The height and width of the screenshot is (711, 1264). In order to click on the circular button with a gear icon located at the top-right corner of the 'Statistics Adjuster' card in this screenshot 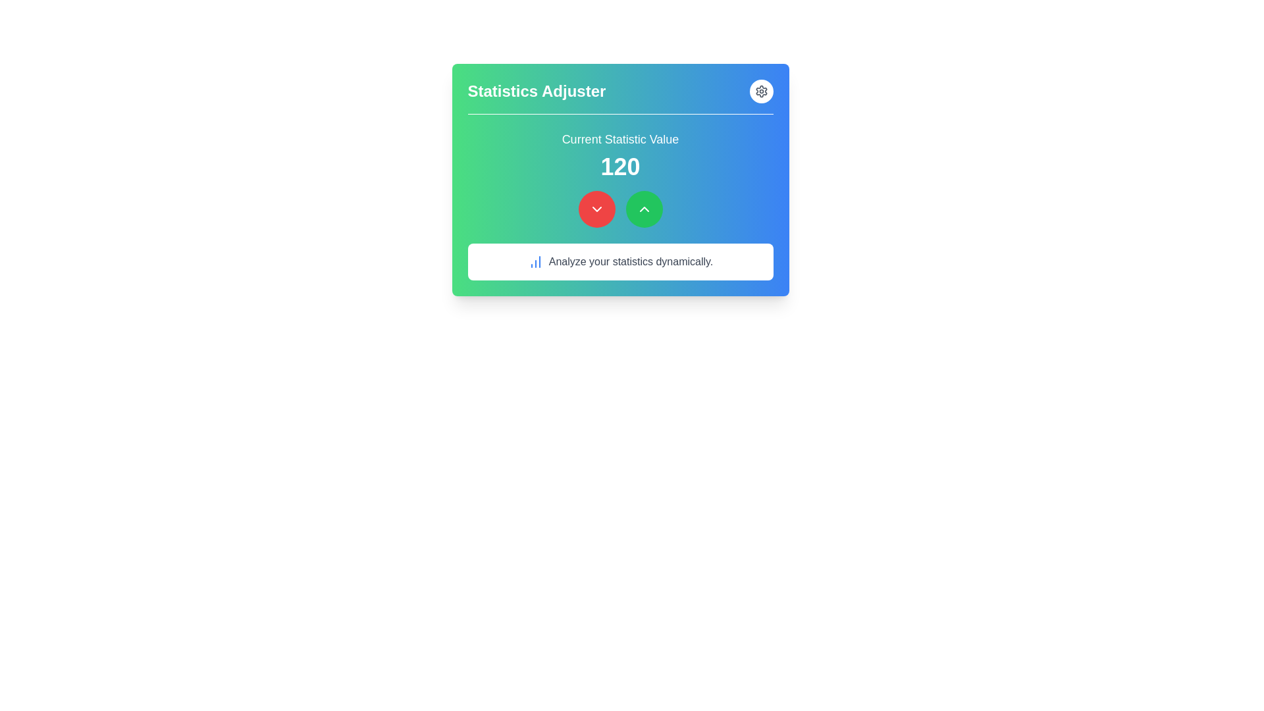, I will do `click(761, 90)`.